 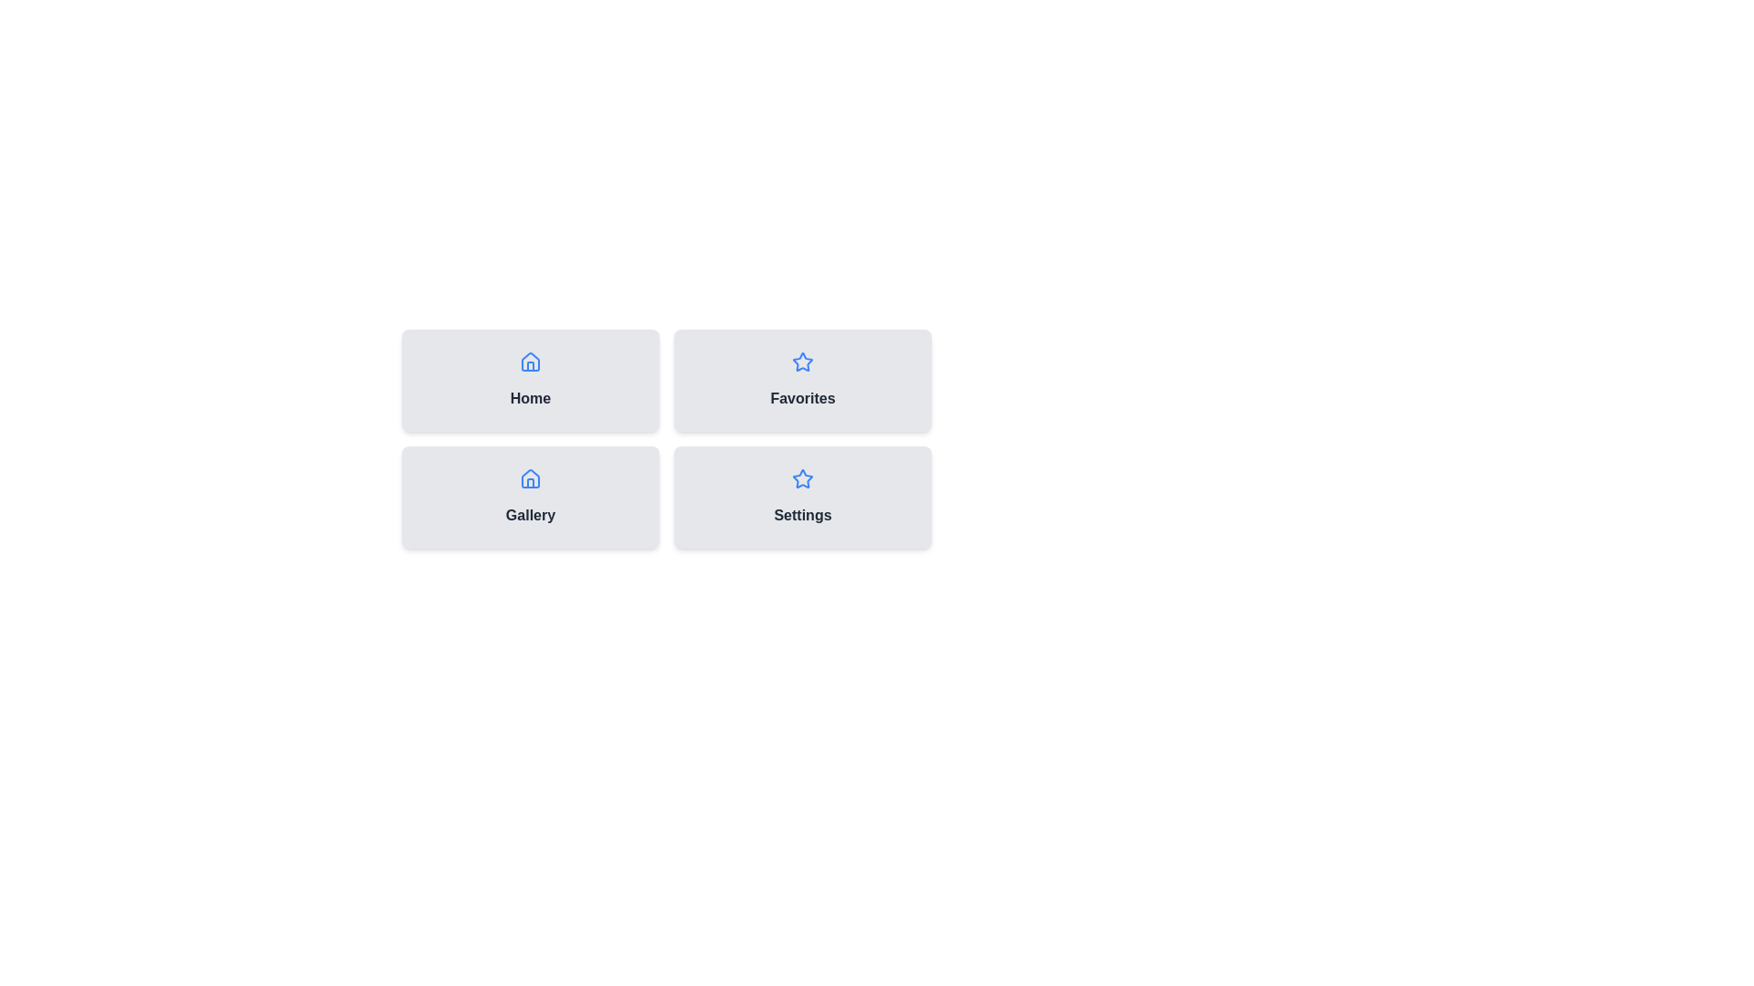 What do you see at coordinates (529, 362) in the screenshot?
I see `the blue house icon located in the upper-left button labeled 'Home' in the grid layout of four buttons` at bounding box center [529, 362].